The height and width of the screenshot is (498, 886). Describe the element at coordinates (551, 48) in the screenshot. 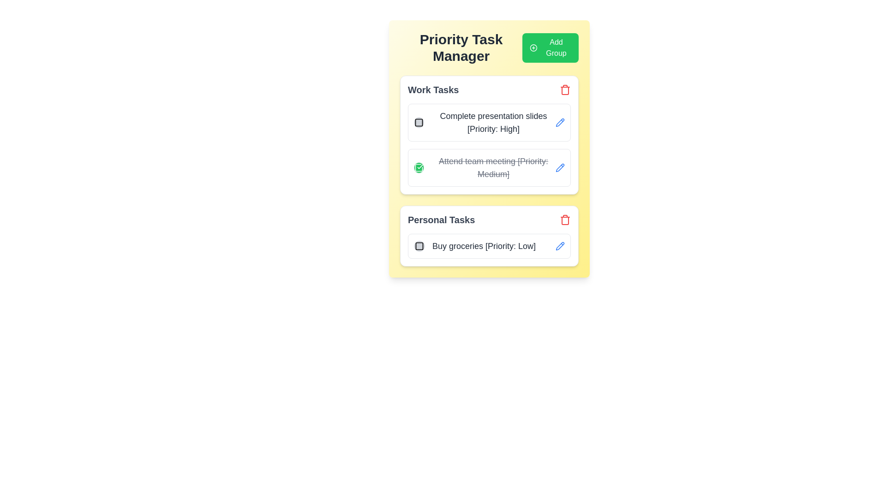

I see `the button located at the top-right corner of the task management interface` at that location.